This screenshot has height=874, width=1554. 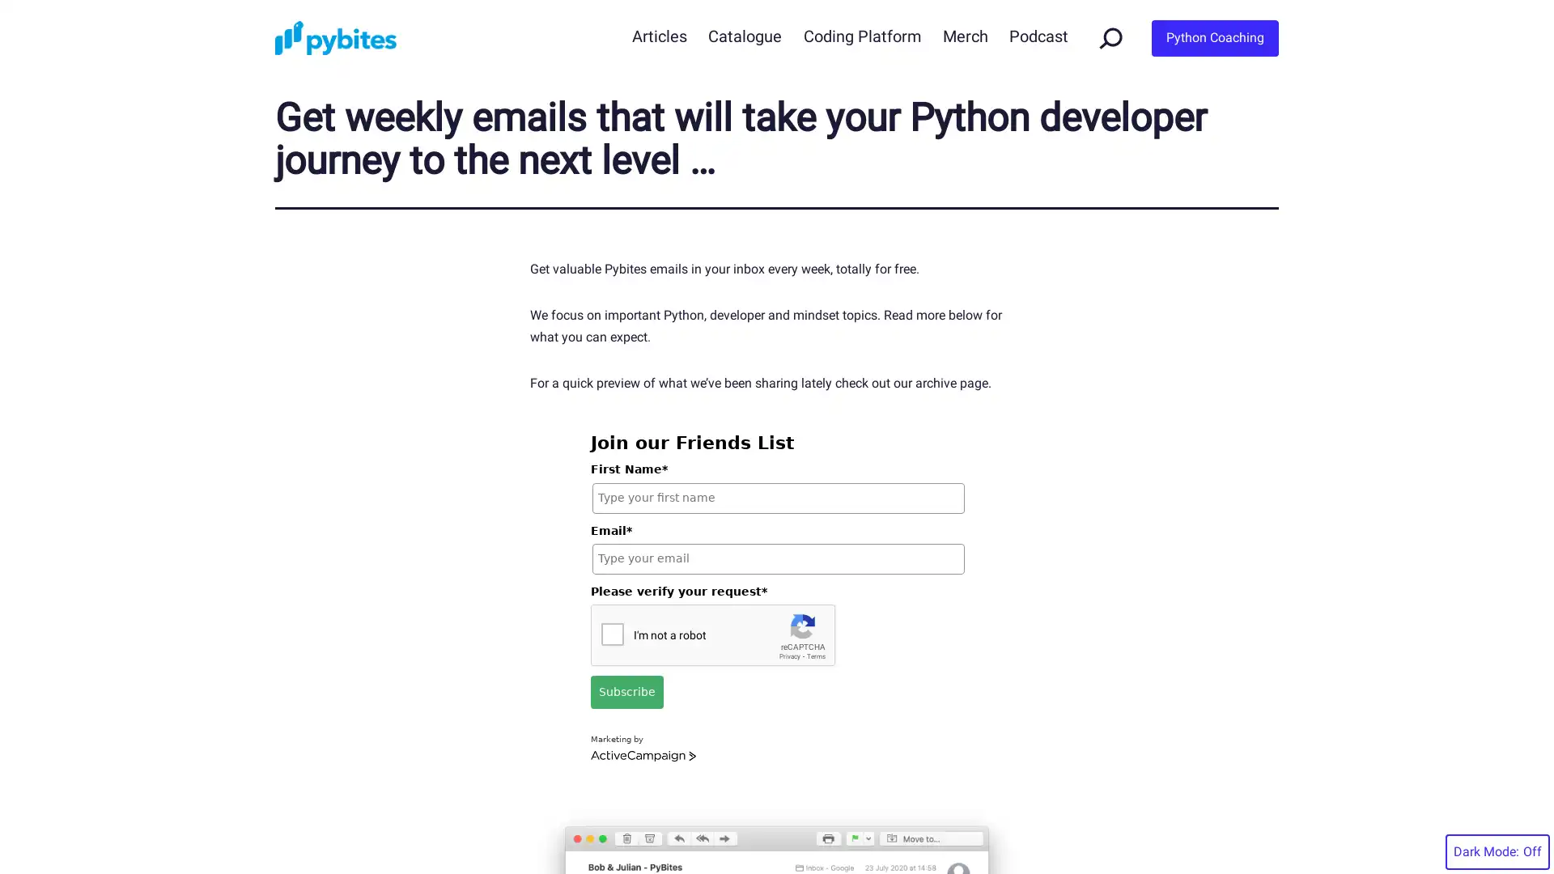 I want to click on Python Coaching, so click(x=1215, y=36).